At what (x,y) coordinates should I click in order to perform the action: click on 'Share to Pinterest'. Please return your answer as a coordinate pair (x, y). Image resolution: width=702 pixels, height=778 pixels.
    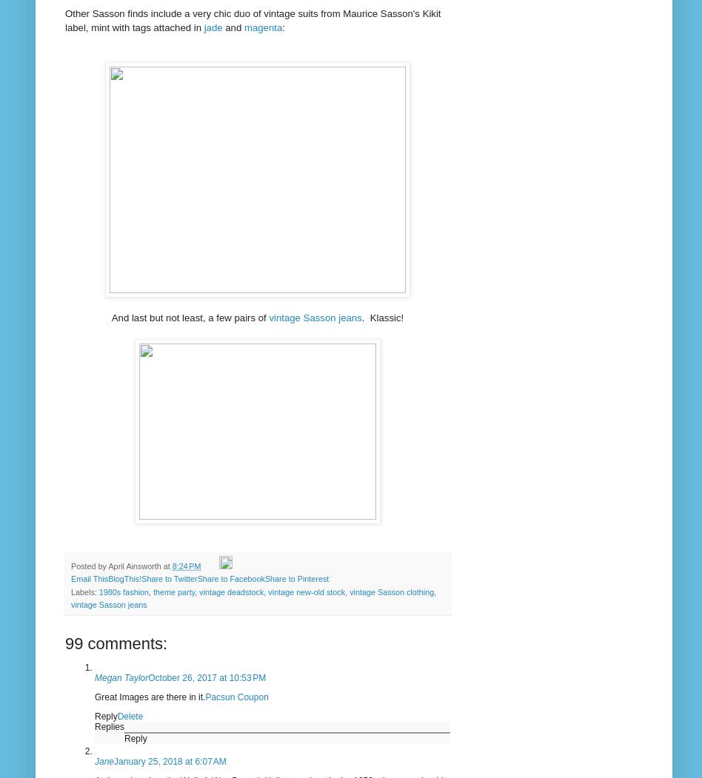
    Looking at the image, I should click on (295, 578).